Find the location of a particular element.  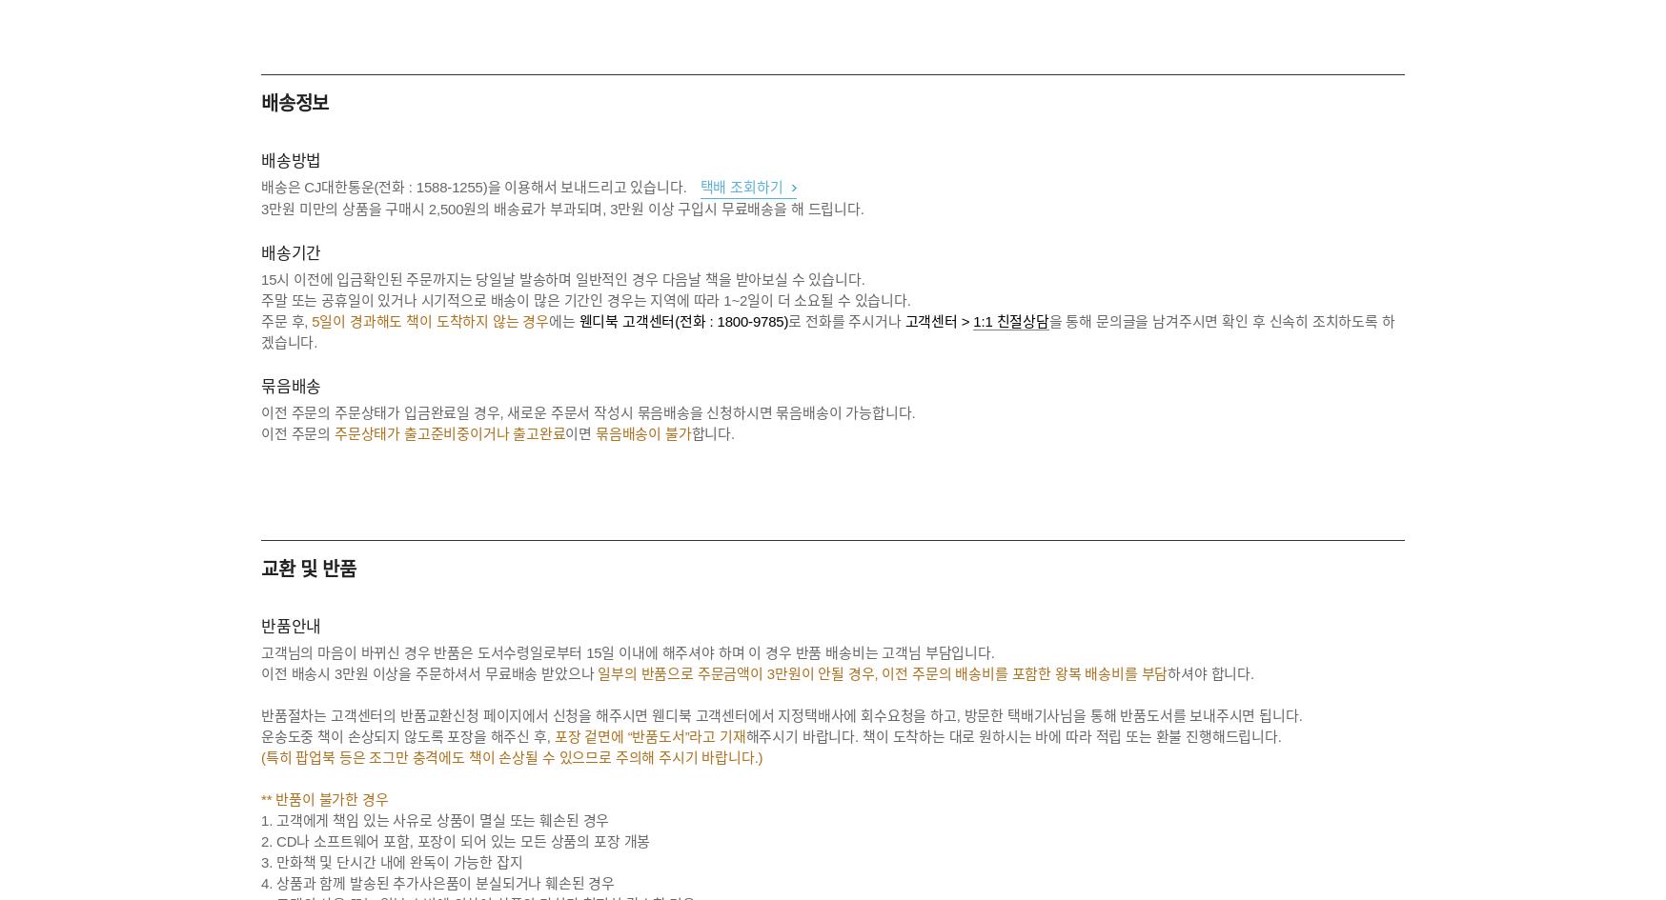

'(특히 팝업북 등은 조그만 충격에도 책이 손상될 수 있으므로 주의해 주시기 바랍니다.)' is located at coordinates (511, 756).